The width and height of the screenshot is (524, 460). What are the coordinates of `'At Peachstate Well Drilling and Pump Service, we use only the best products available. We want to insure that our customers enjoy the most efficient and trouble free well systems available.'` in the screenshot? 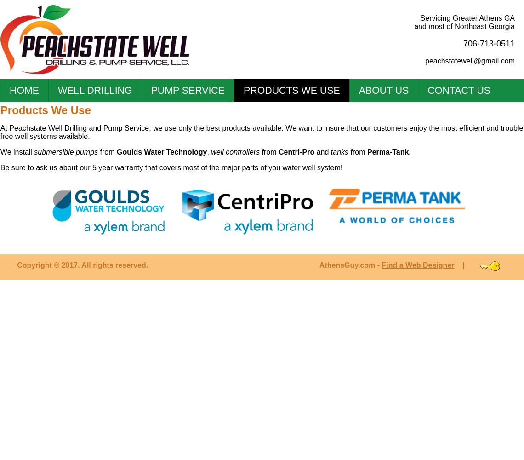 It's located at (0, 132).